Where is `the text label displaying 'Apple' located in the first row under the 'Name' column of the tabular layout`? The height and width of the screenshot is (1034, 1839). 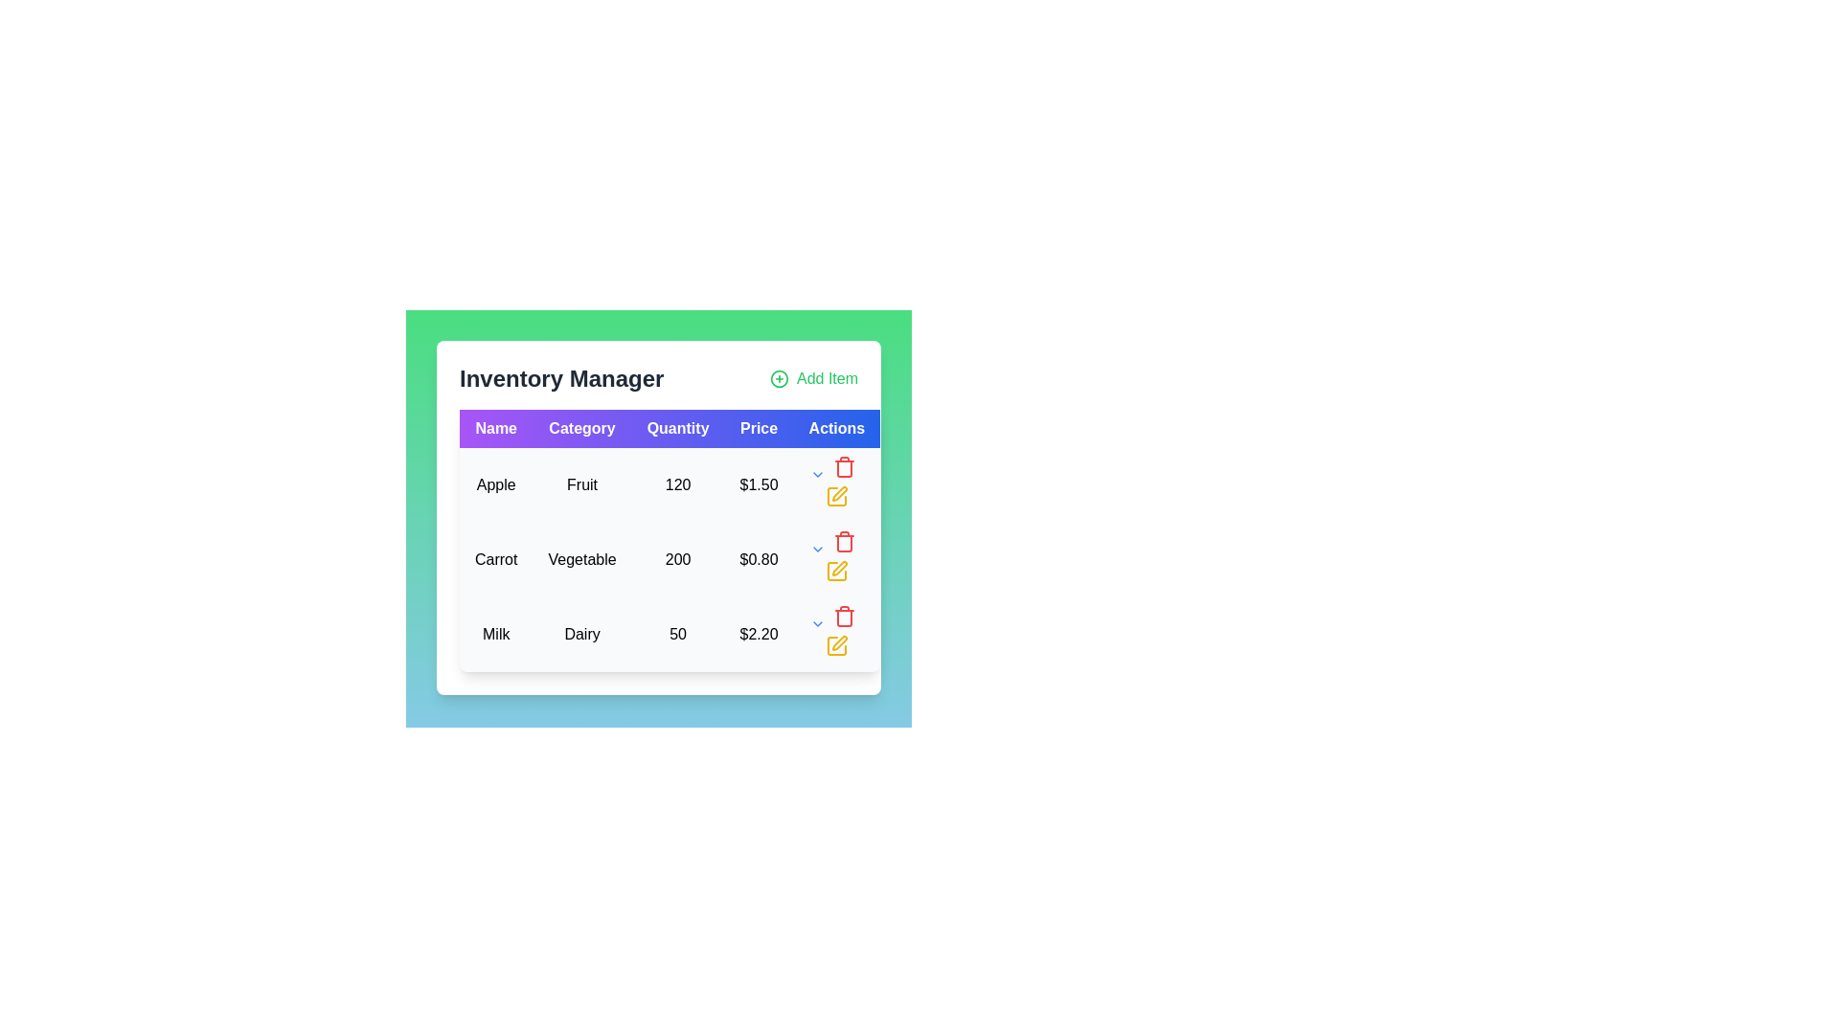 the text label displaying 'Apple' located in the first row under the 'Name' column of the tabular layout is located at coordinates (496, 483).